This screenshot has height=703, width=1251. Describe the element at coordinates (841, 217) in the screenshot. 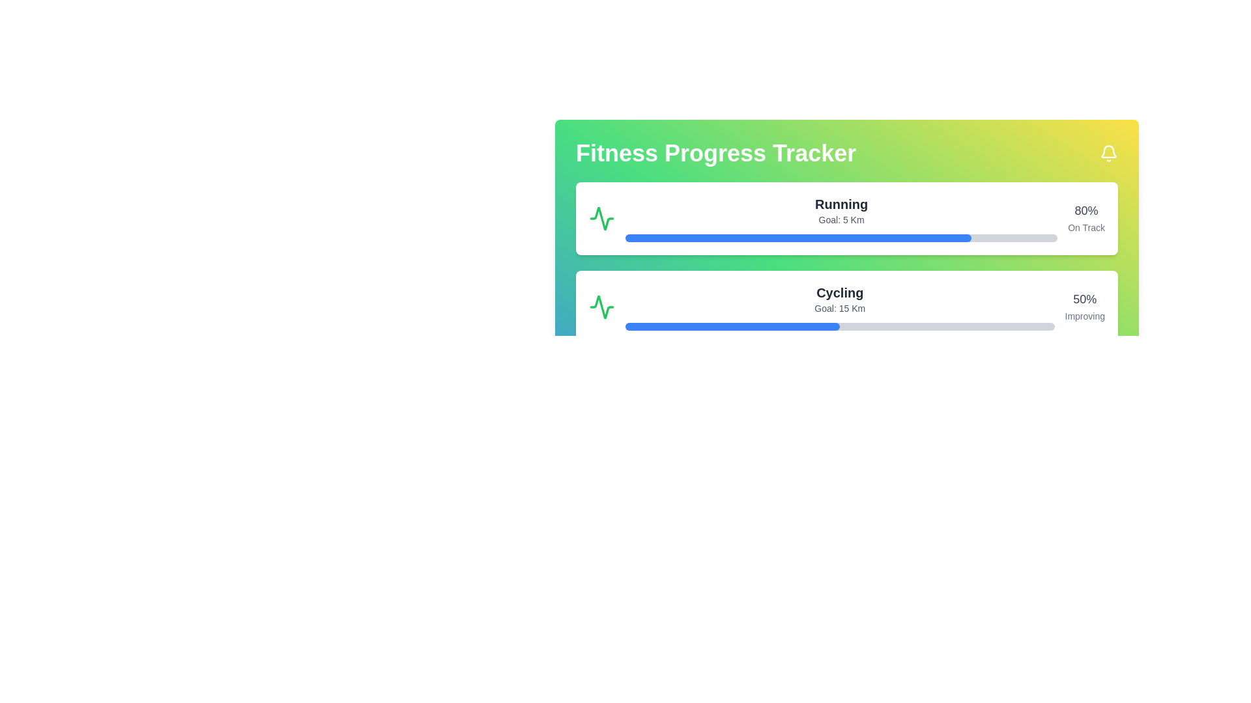

I see `the text label displaying 'RunningGoal: 5 Km', which is located in the upper section of the first card in the interface, positioned to the right of a green activity icon and above a blue progress bar` at that location.